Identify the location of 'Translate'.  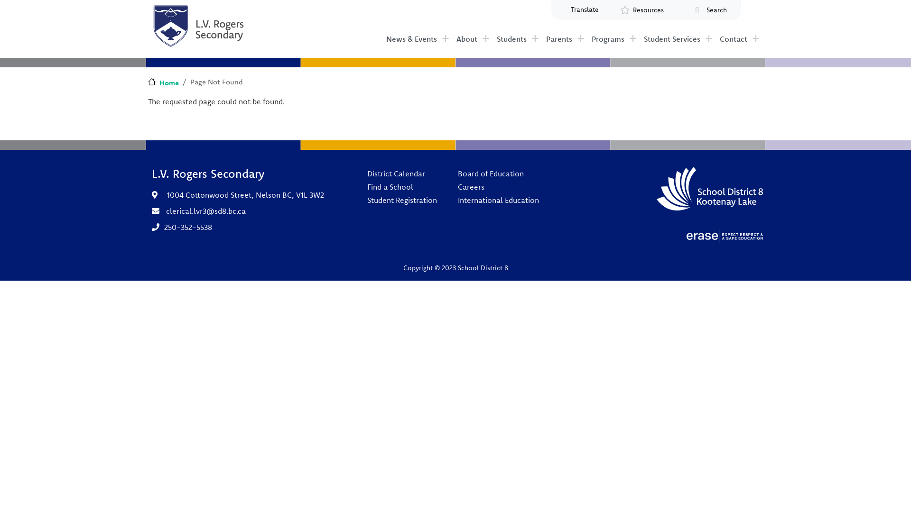
(562, 9).